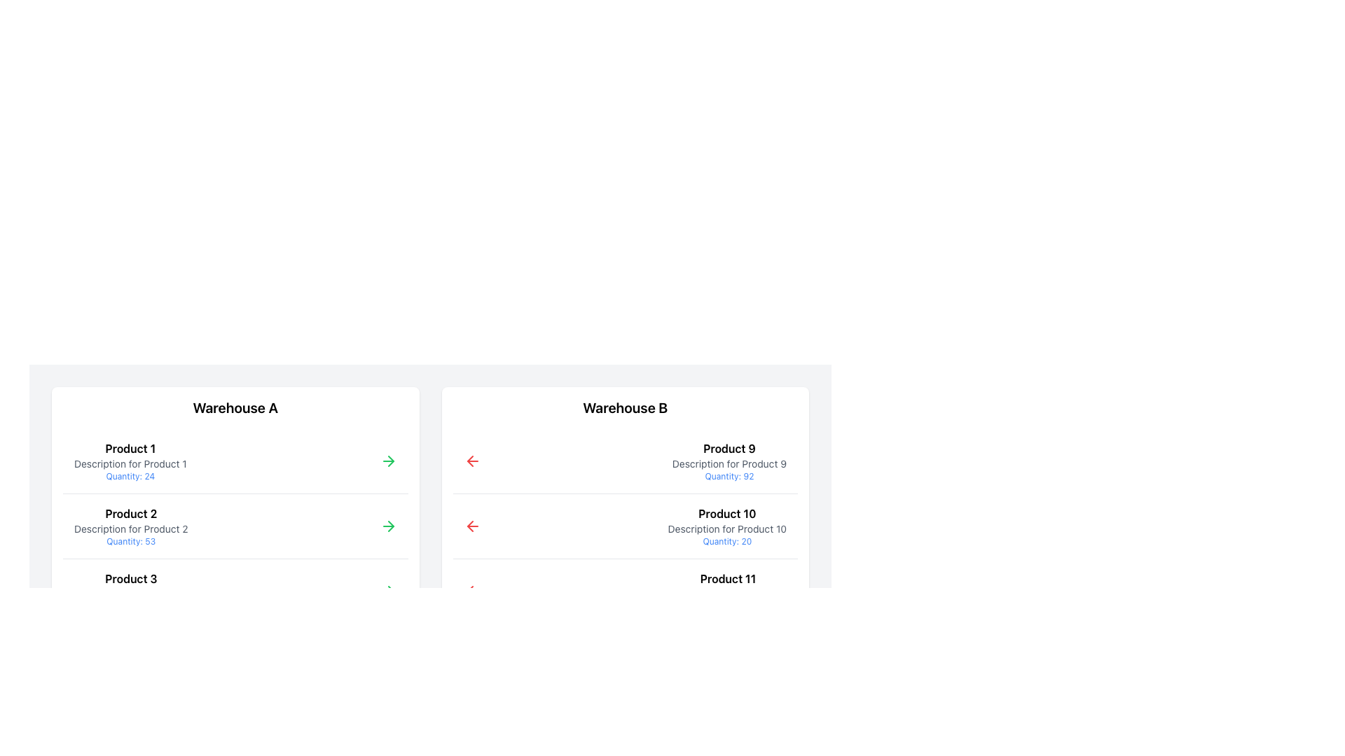  I want to click on the Text Label that identifies a product in the 'Warehouse B' column, positioned above the description and quantity text, so click(727, 513).